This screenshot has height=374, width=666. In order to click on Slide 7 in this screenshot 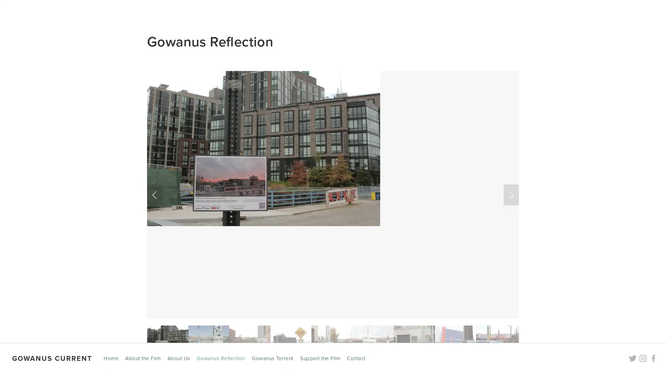, I will do `click(414, 338)`.